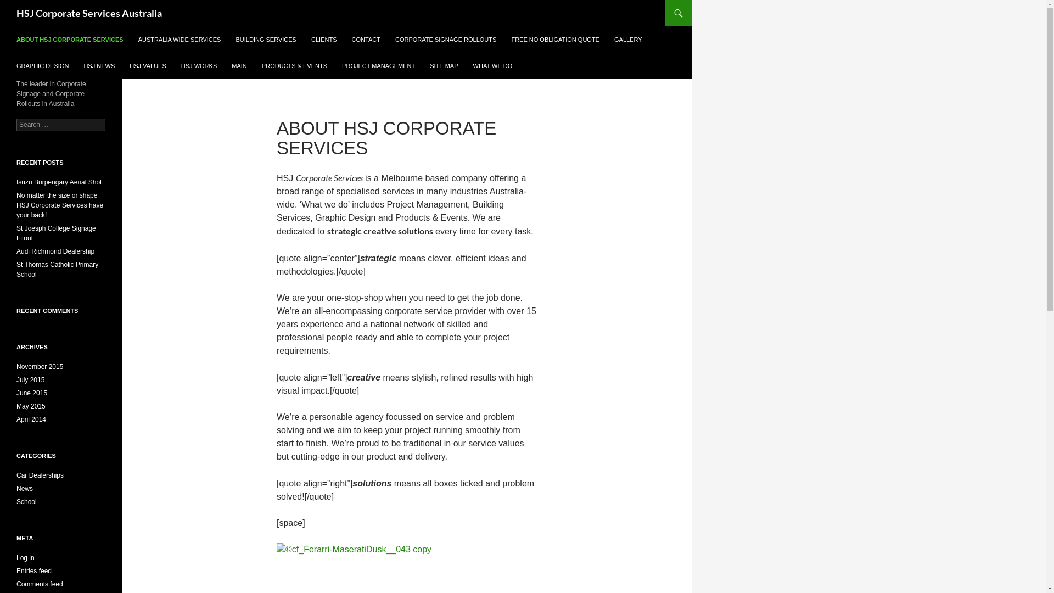 The image size is (1054, 593). What do you see at coordinates (16, 13) in the screenshot?
I see `'HSJ Corporate Services Australia'` at bounding box center [16, 13].